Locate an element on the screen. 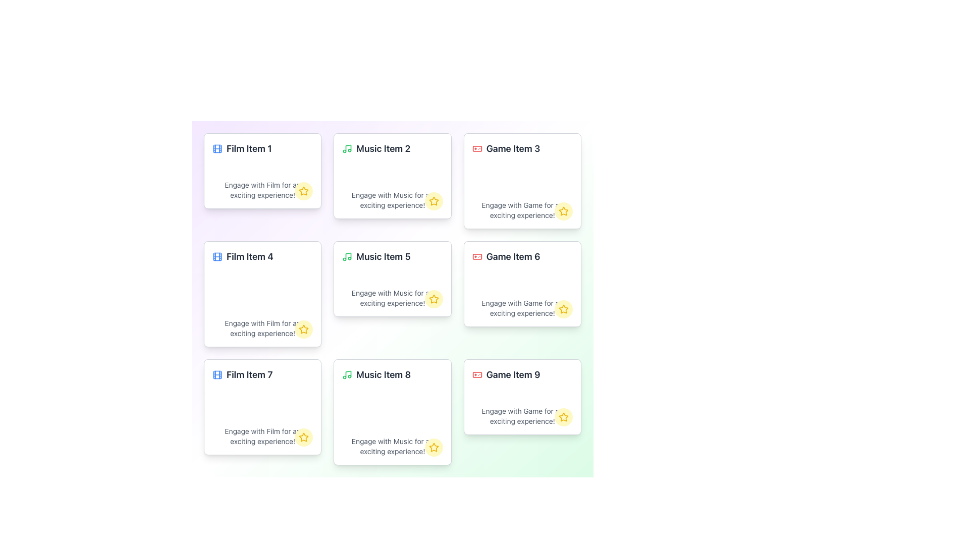  the music icon located to the left of the text 'Music Item 5' in the card layout is located at coordinates (347, 256).